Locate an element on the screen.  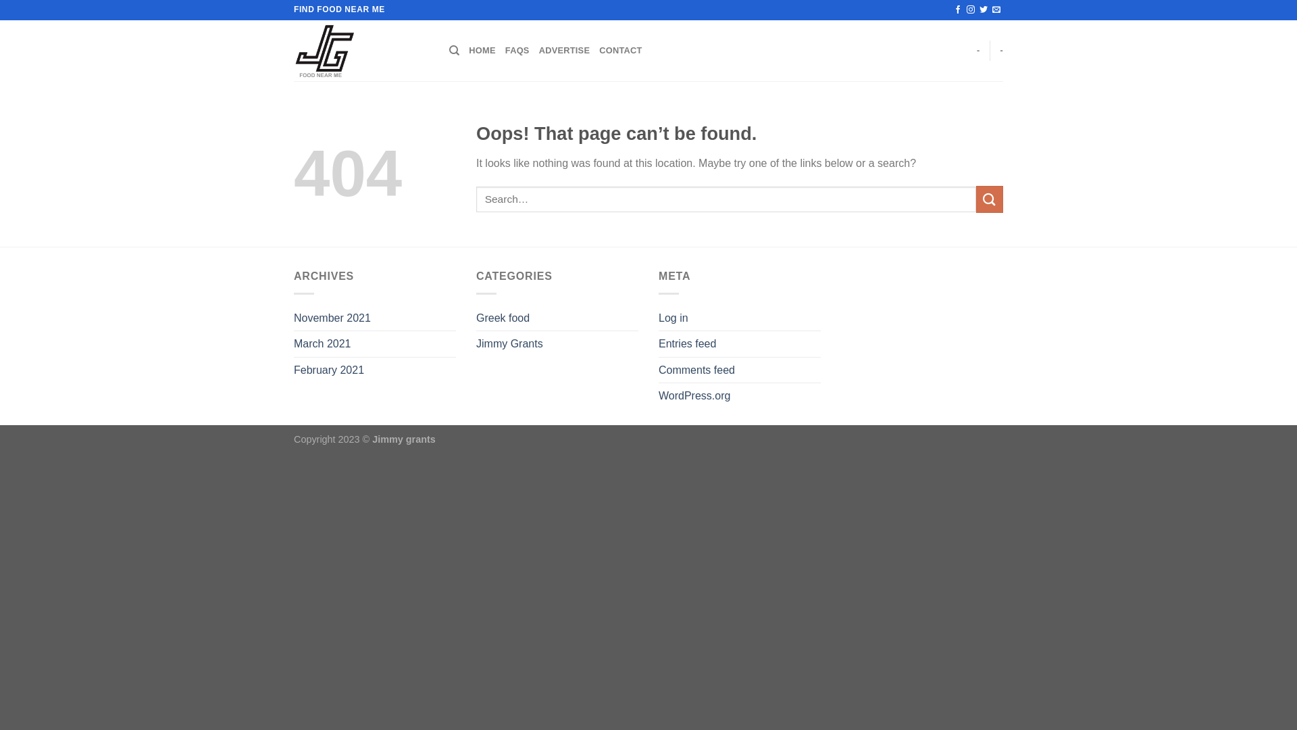
'-' is located at coordinates (976, 49).